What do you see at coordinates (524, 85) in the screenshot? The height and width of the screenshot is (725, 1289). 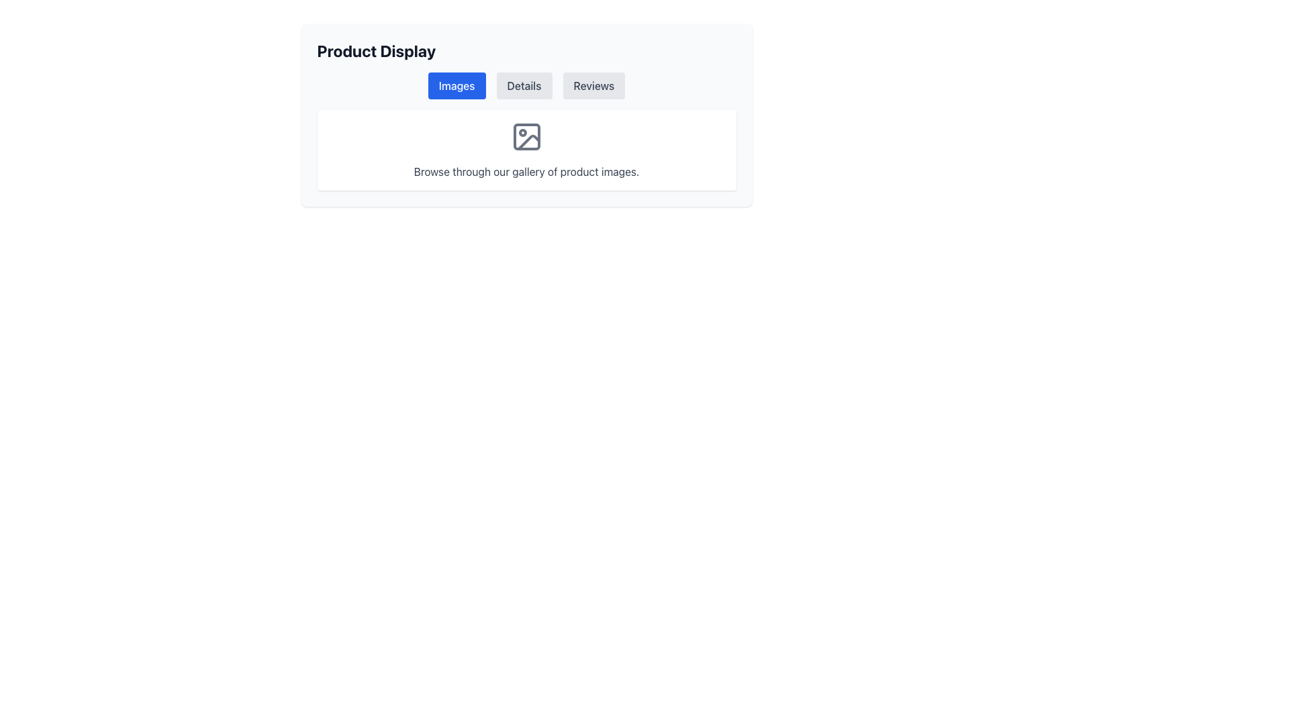 I see `the second button in the upper interface section, located between the 'Images' button and the 'Reviews' button` at bounding box center [524, 85].